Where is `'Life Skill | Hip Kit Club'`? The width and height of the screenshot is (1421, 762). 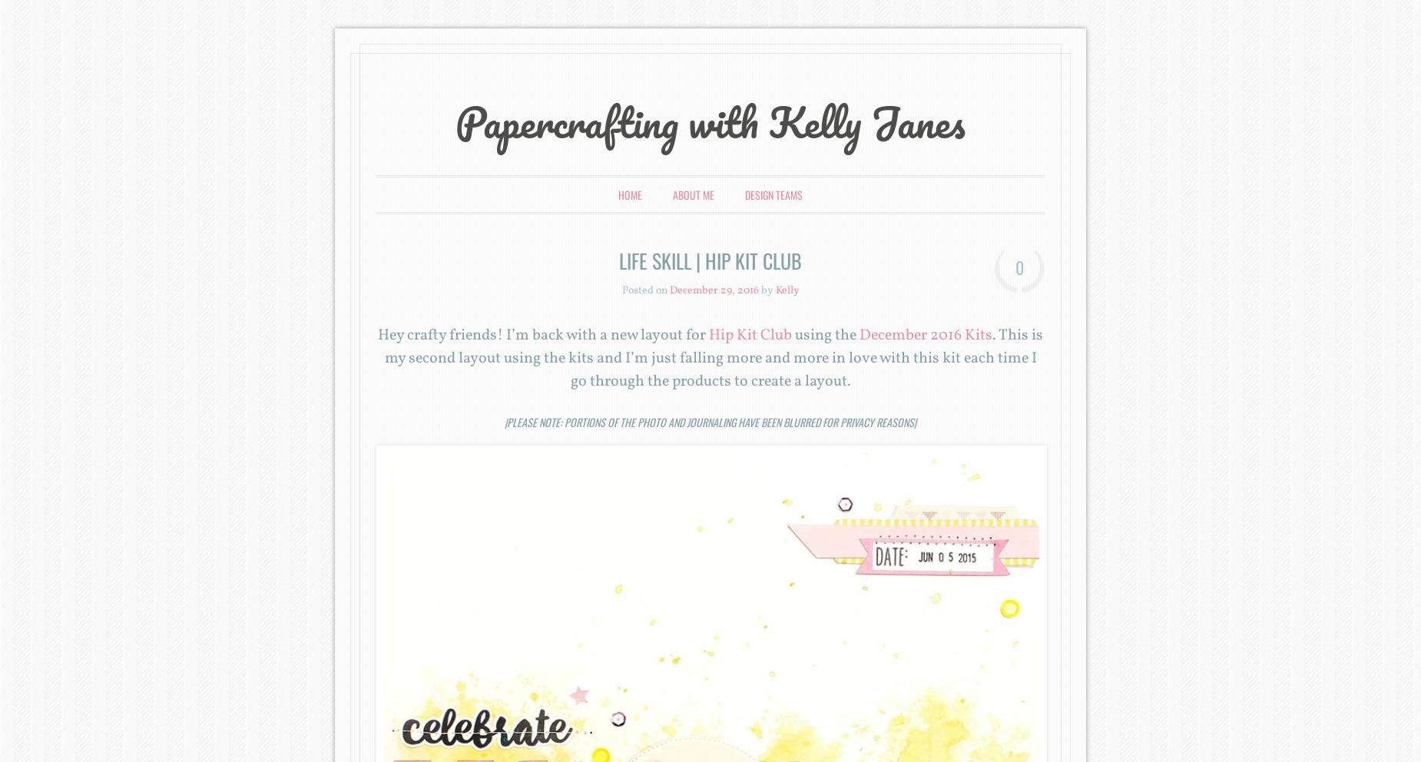
'Life Skill | Hip Kit Club' is located at coordinates (710, 260).